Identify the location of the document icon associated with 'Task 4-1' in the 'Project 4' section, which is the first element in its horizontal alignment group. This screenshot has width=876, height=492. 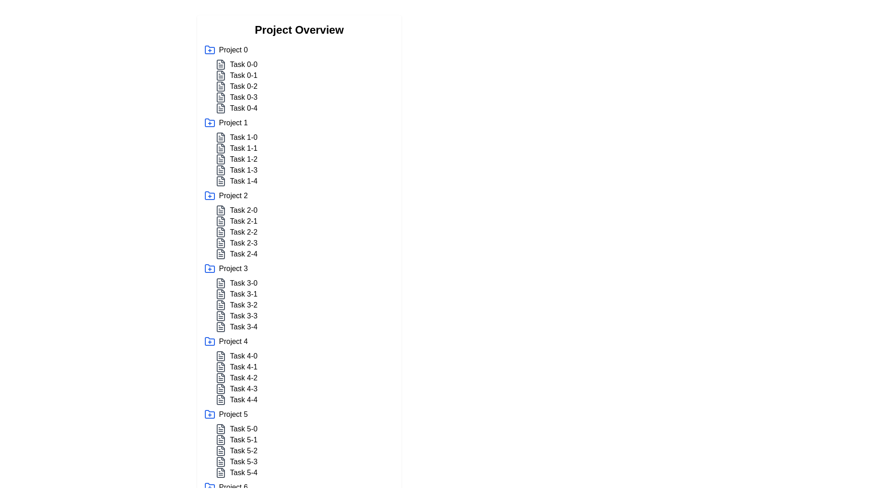
(221, 367).